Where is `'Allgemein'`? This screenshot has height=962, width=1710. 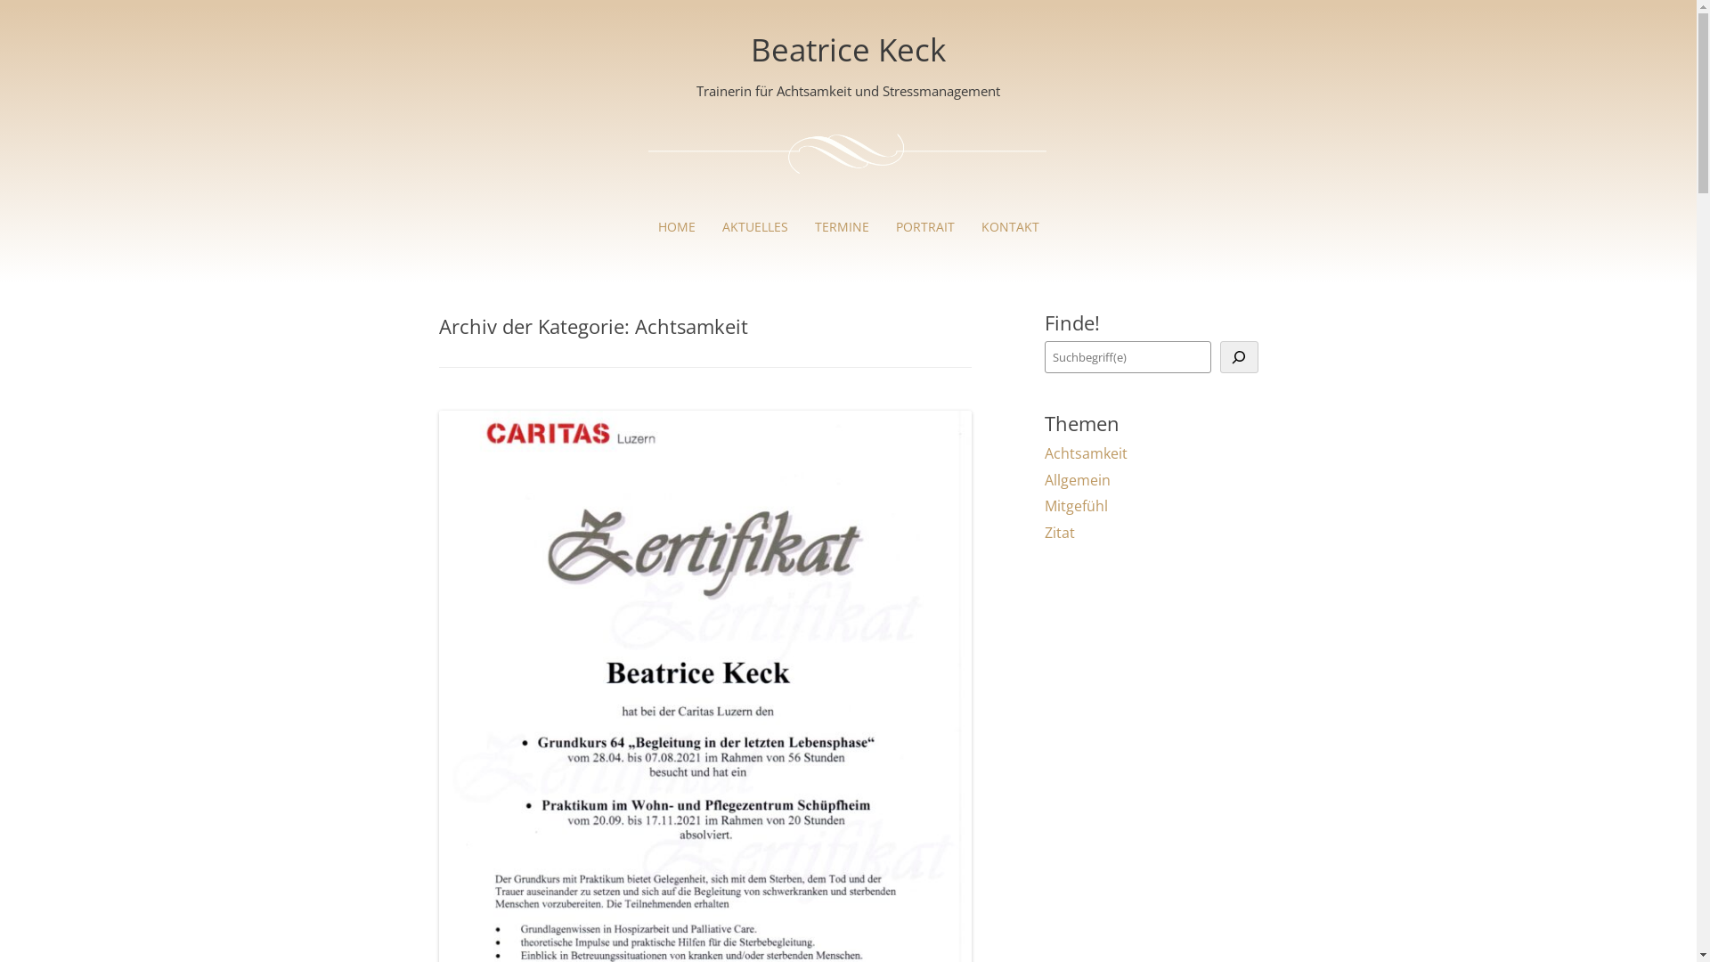 'Allgemein' is located at coordinates (1076, 479).